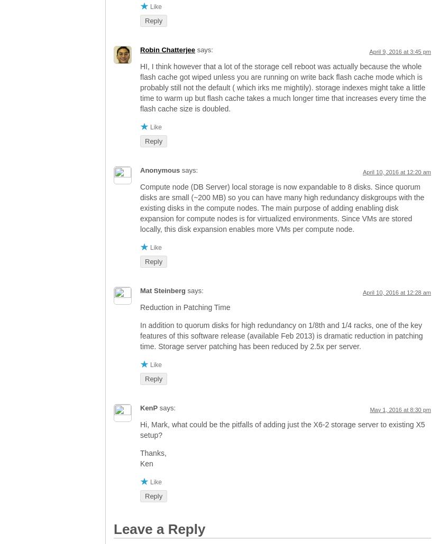 This screenshot has width=439, height=544. Describe the element at coordinates (283, 87) in the screenshot. I see `'HI, I think however that a lot of the storage cell reboot was actually because the whole flash cache got  wiped unless you are running on write back flash cache mode which is probably still not the default ( which irks me mightily). storage indexes might take a little time to warm up but flash cache takes a much longer time that increases every time the flash cache size is doubled.'` at that location.